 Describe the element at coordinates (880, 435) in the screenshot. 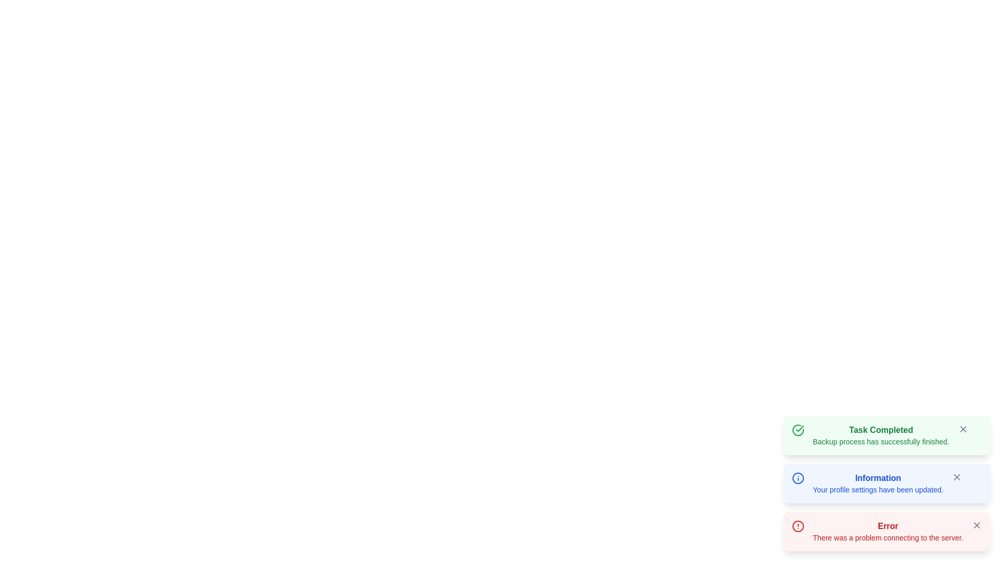

I see `message from the Notification text block located at the top of the notification panels, specifically the green block indicating successful task completion` at that location.